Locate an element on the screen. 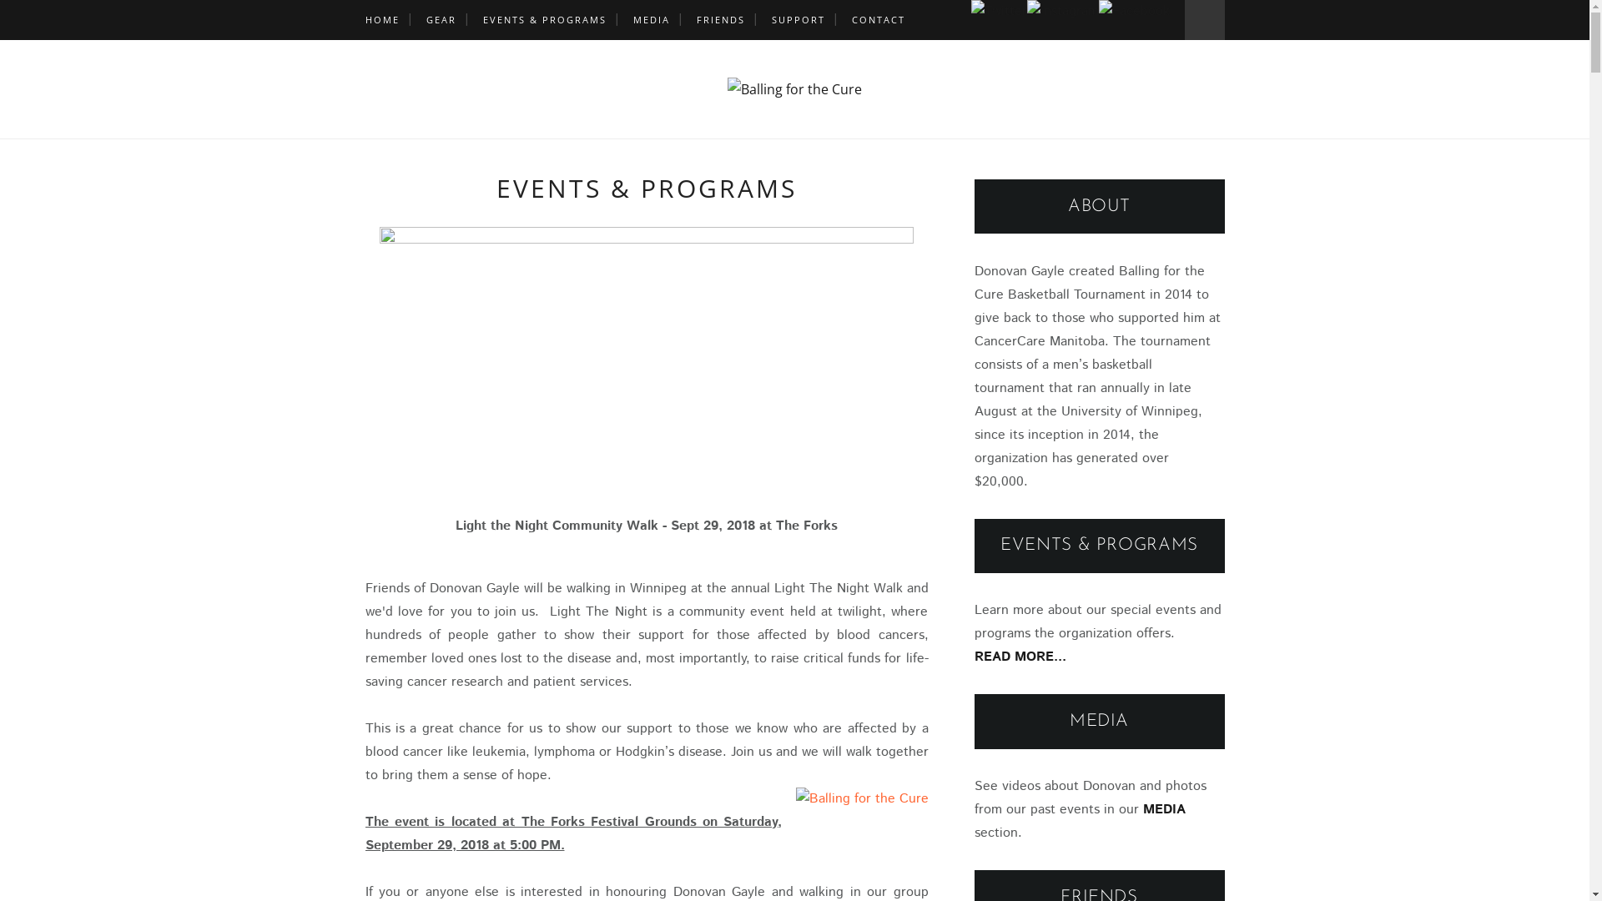 This screenshot has height=901, width=1602. 'FRIENDS' is located at coordinates (720, 19).